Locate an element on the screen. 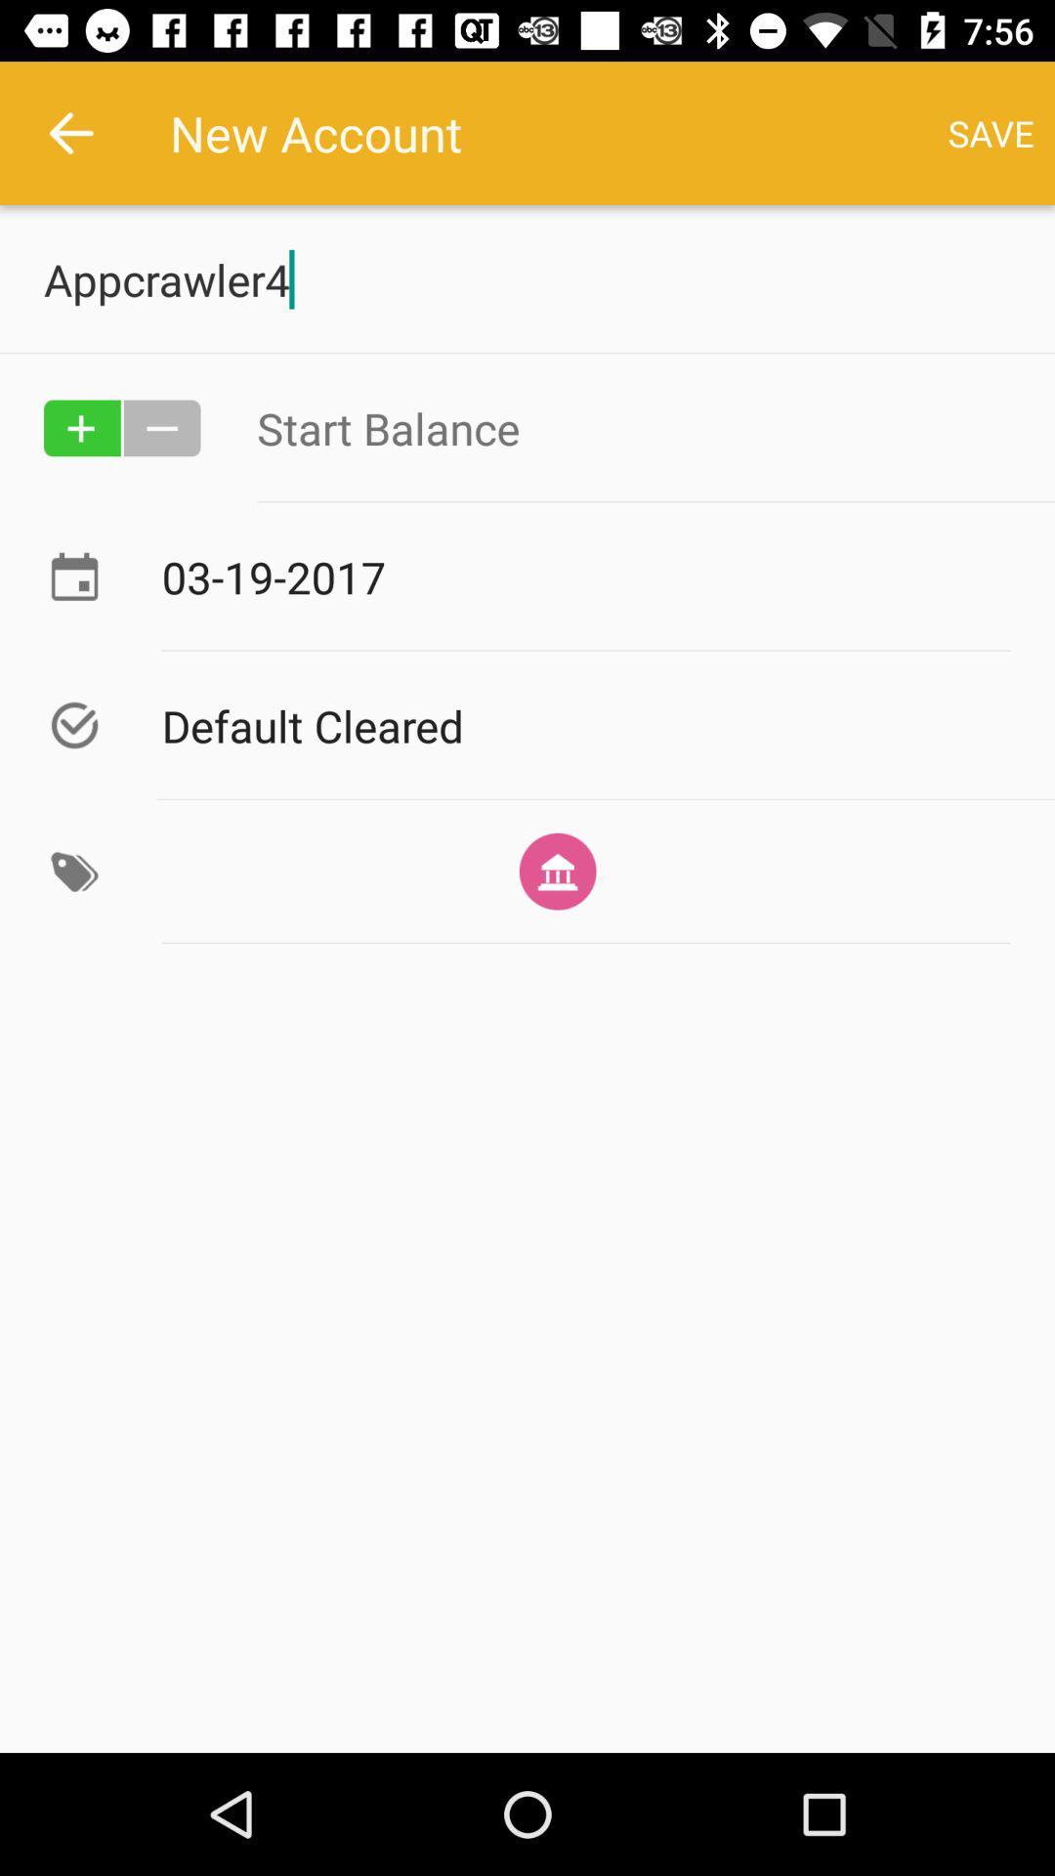  text field is located at coordinates (633, 427).